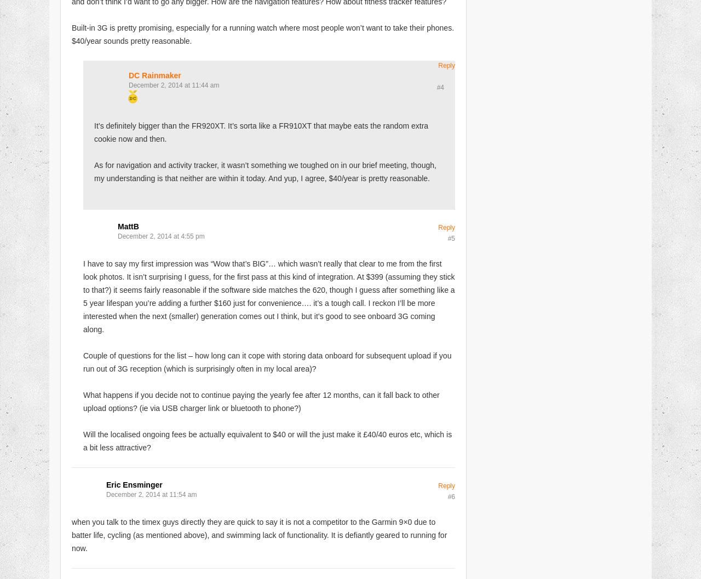 The height and width of the screenshot is (579, 701). I want to click on 'It’s definitely bigger than the FR920XT. It’s sorta like a FR910XT that maybe eats the random extra cookie now and then.', so click(261, 132).